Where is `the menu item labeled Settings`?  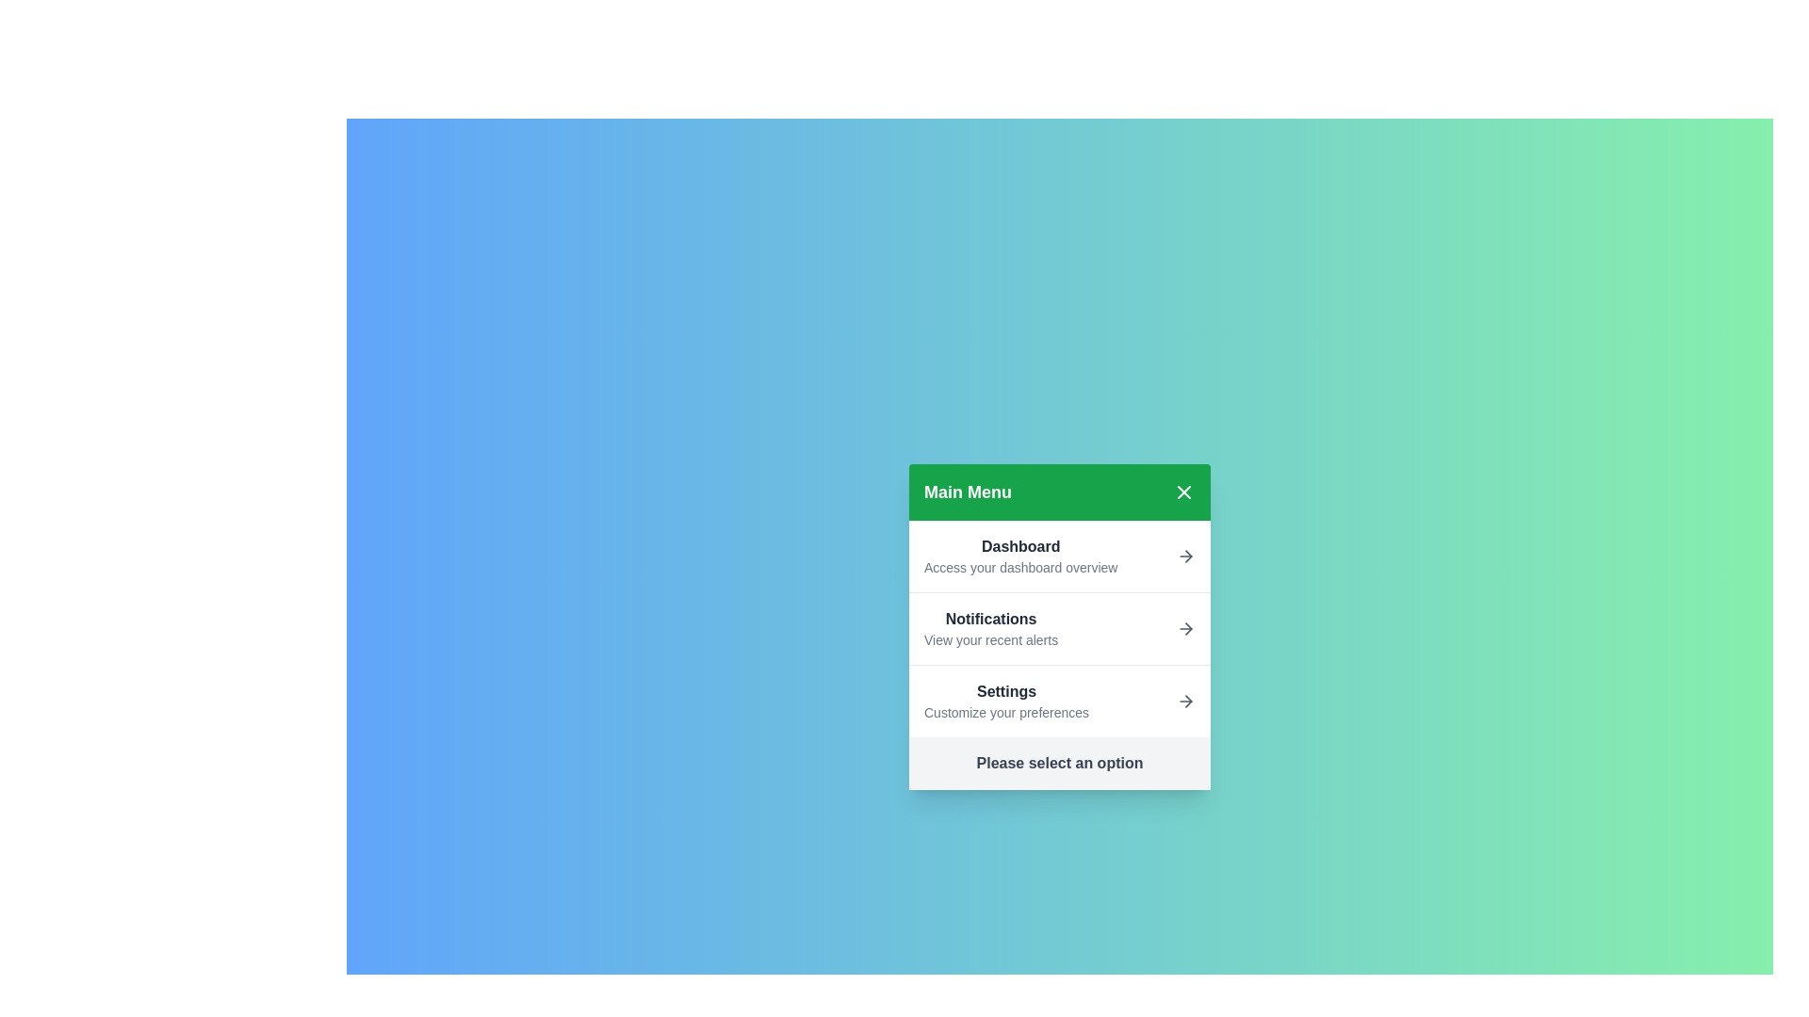 the menu item labeled Settings is located at coordinates (1059, 701).